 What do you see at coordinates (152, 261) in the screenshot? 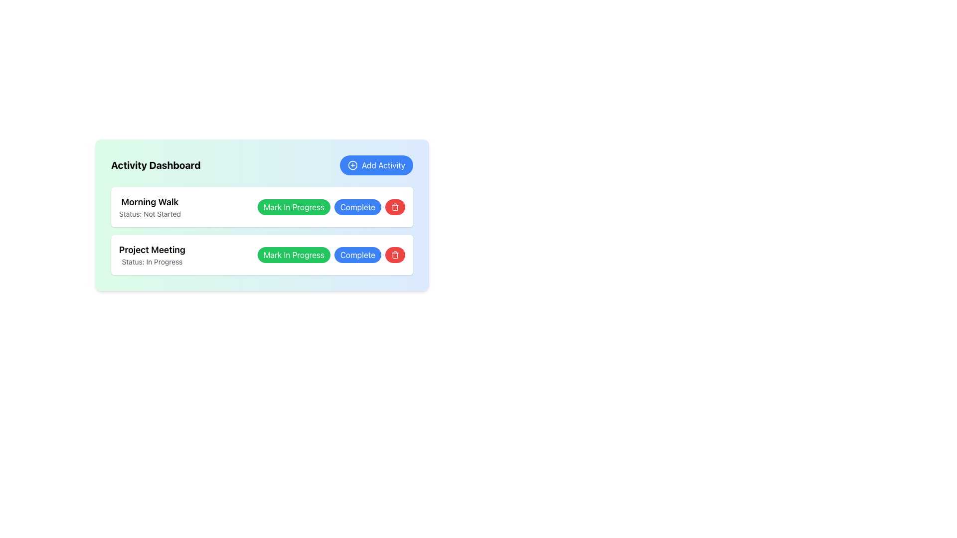
I see `status information displayed as 'In Progress' below the 'Project Meeting' text in the Activity Dashboard interface` at bounding box center [152, 261].